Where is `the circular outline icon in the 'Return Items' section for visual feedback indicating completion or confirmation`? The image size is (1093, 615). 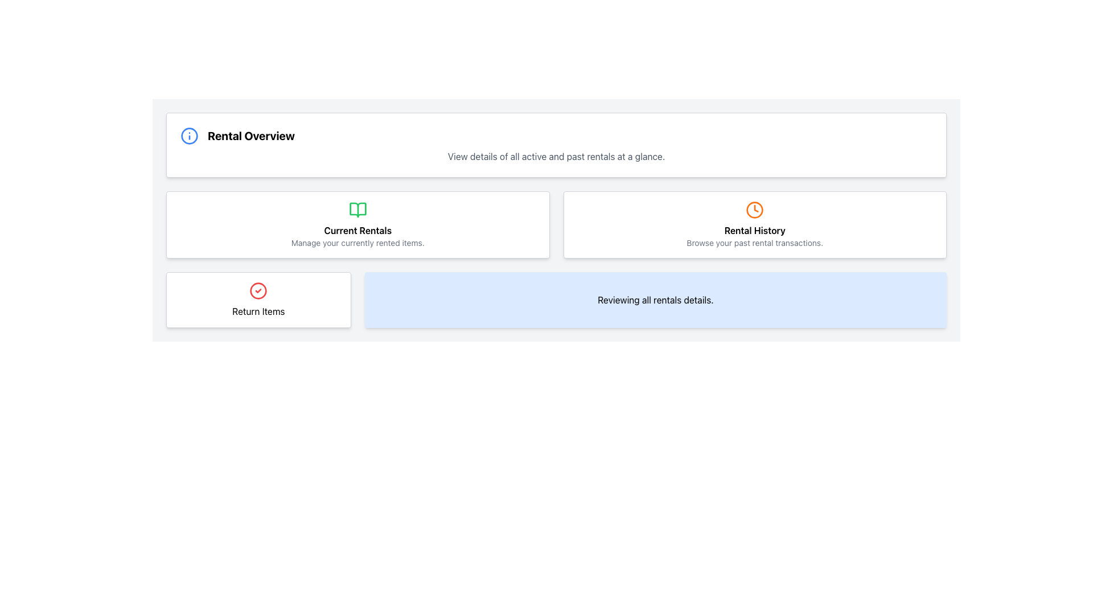
the circular outline icon in the 'Return Items' section for visual feedback indicating completion or confirmation is located at coordinates (258, 290).